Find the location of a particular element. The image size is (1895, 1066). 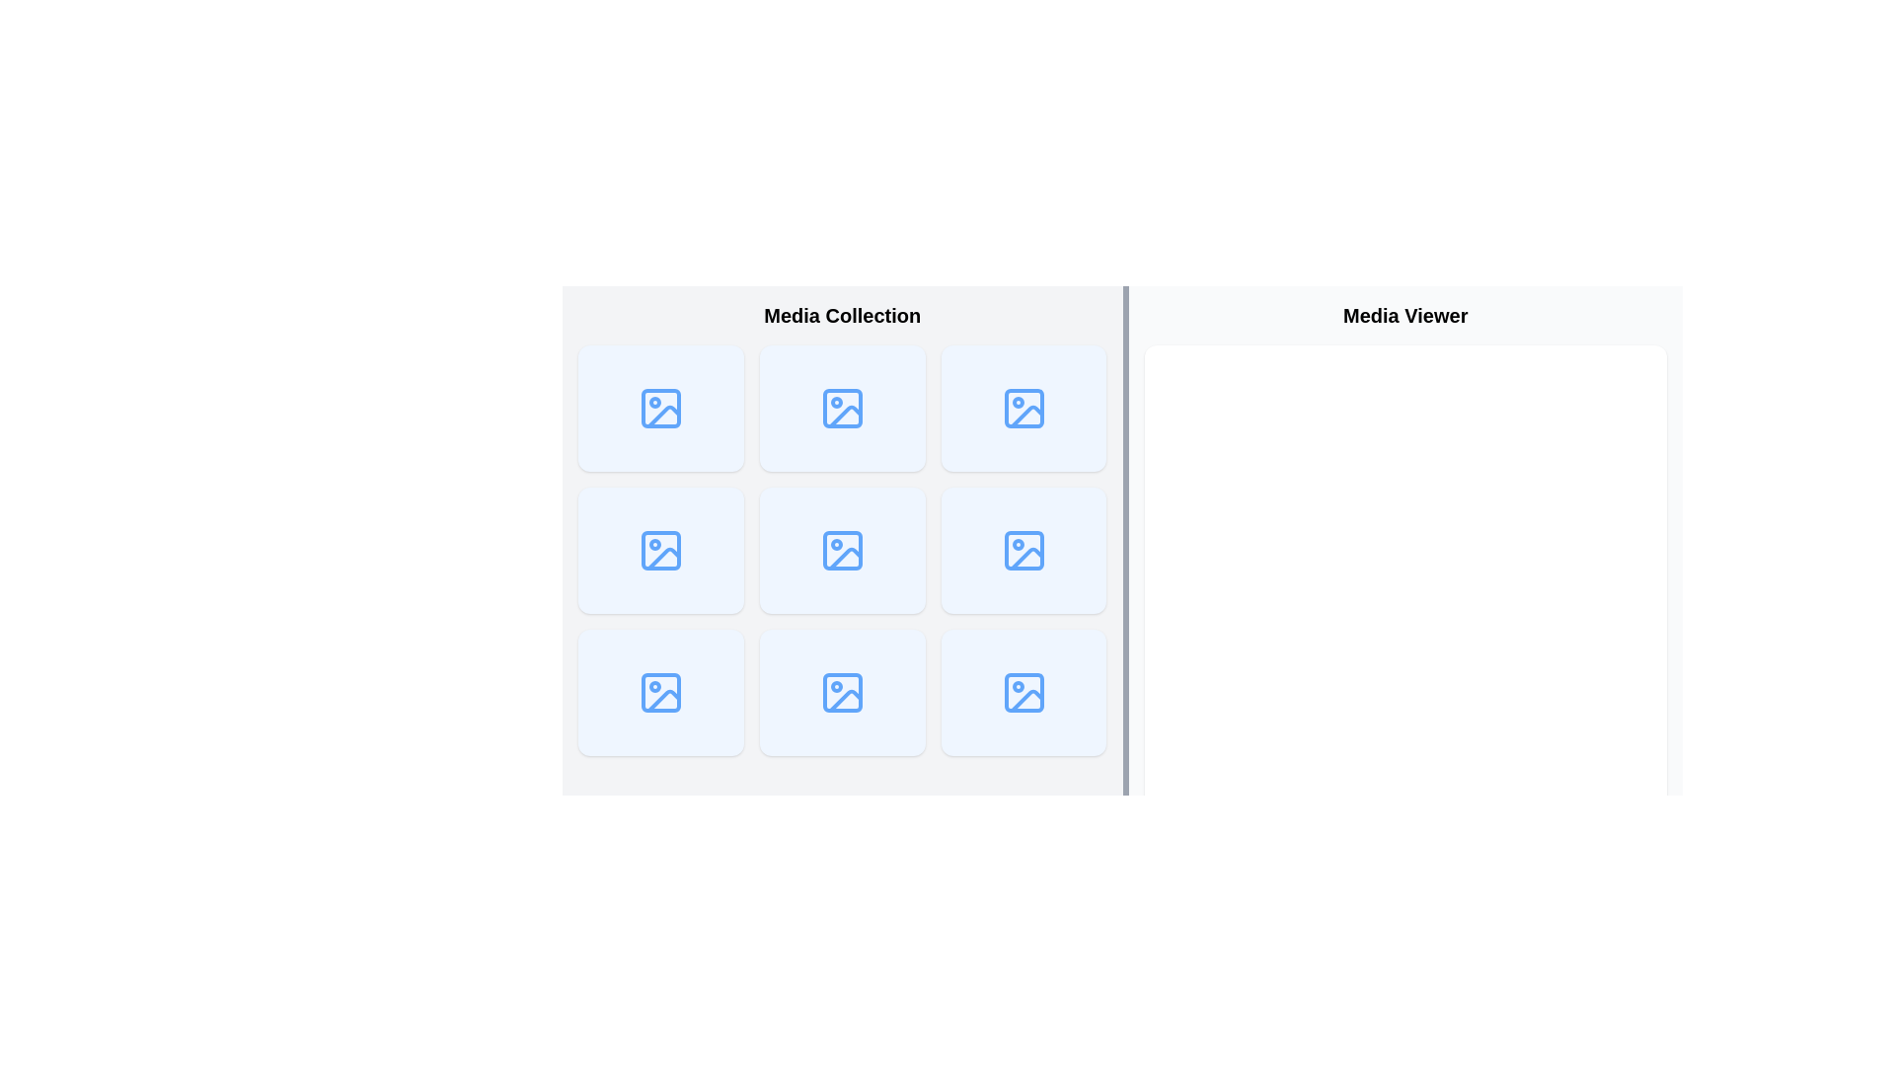

the top-middle icon in the 3x3 grid is located at coordinates (842, 407).